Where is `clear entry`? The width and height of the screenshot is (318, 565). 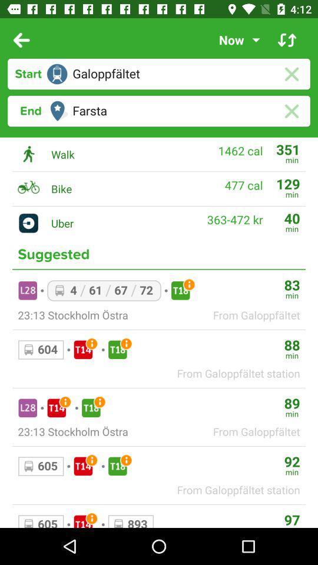
clear entry is located at coordinates (291, 111).